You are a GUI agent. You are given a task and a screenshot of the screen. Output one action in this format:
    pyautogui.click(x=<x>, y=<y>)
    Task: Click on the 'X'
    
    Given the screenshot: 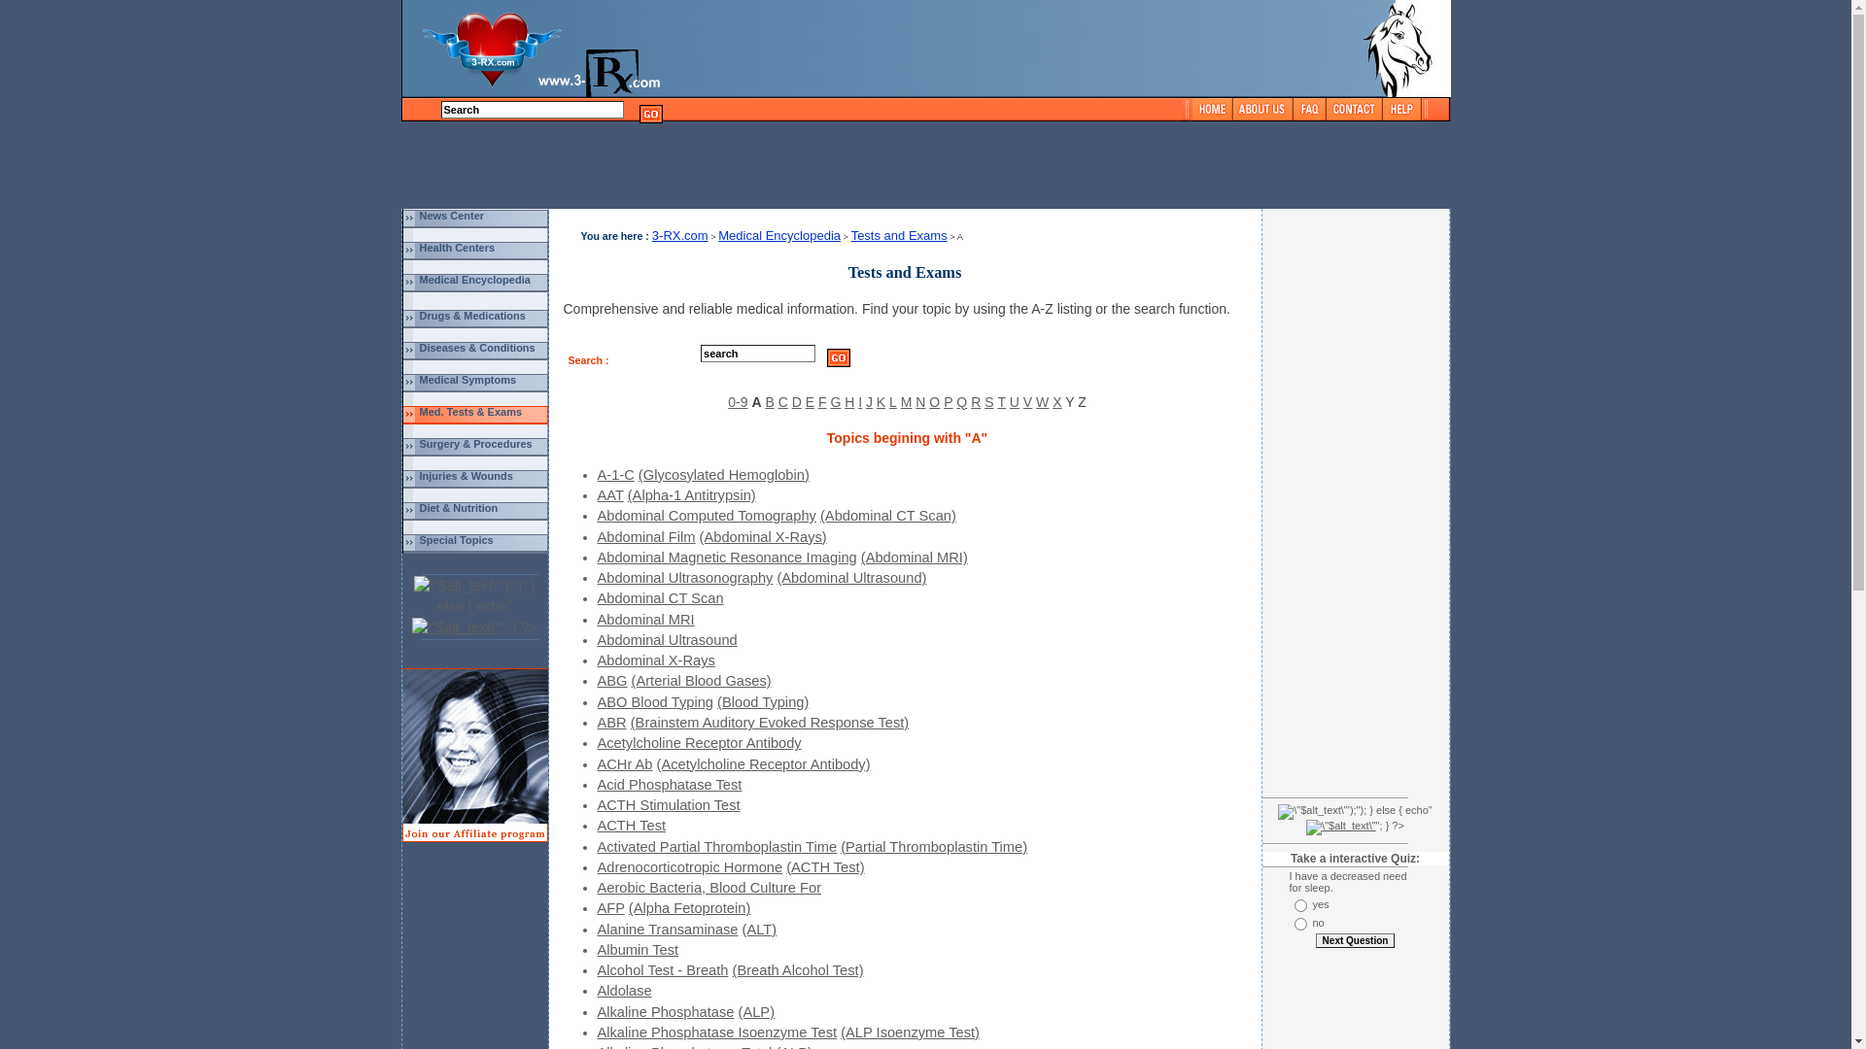 What is the action you would take?
    pyautogui.click(x=1055, y=400)
    